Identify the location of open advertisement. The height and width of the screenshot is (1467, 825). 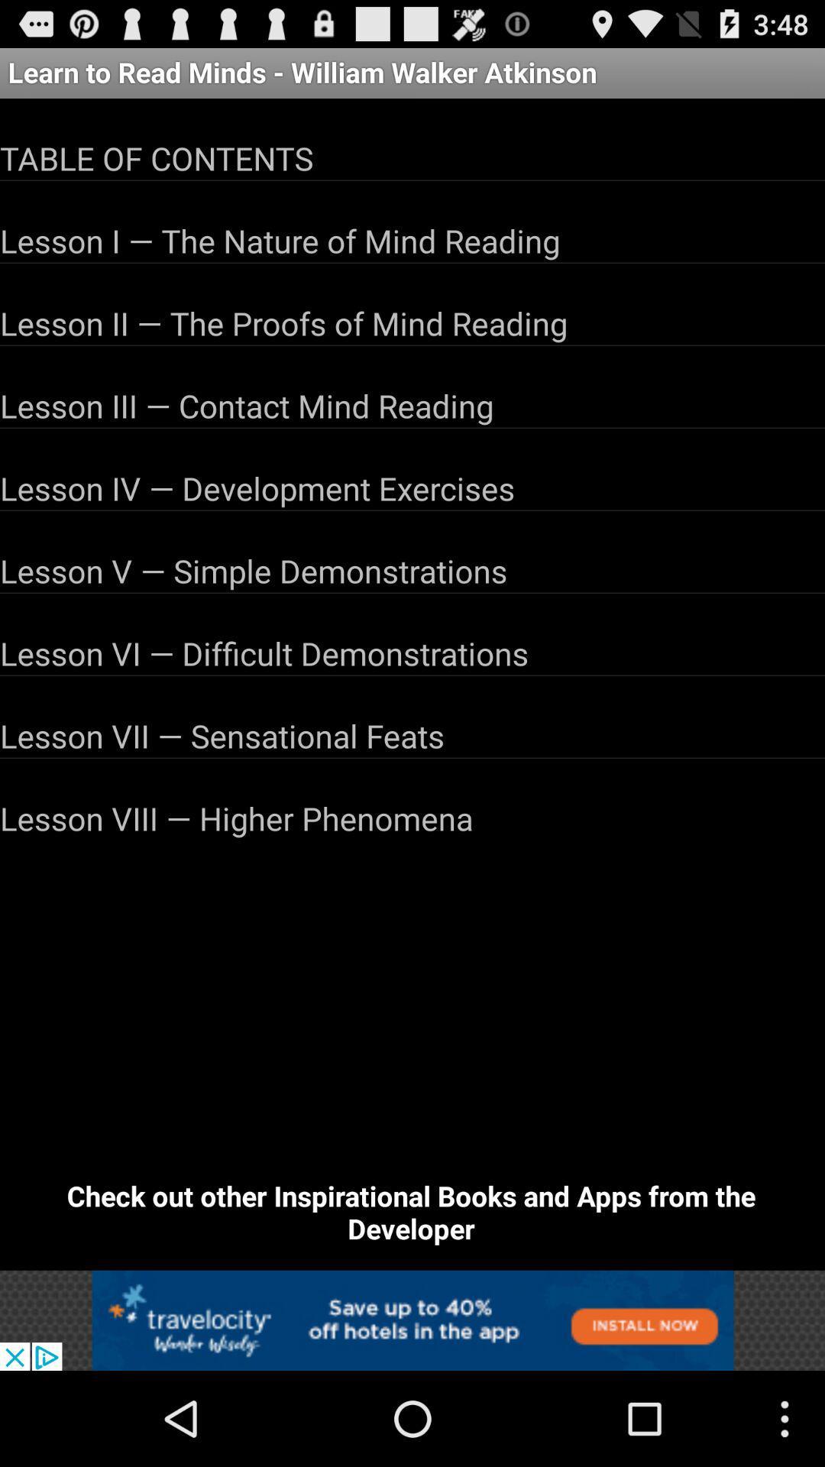
(412, 1320).